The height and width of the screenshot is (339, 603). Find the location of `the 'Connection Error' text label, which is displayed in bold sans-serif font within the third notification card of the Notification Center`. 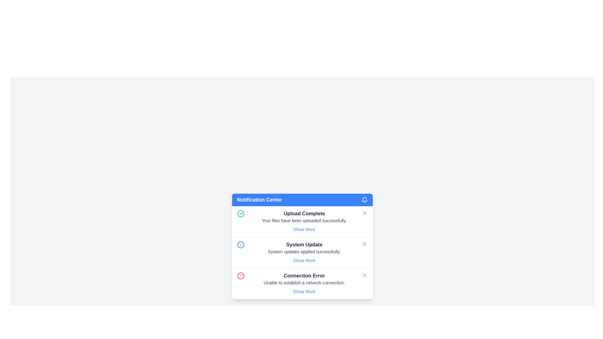

the 'Connection Error' text label, which is displayed in bold sans-serif font within the third notification card of the Notification Center is located at coordinates (304, 276).